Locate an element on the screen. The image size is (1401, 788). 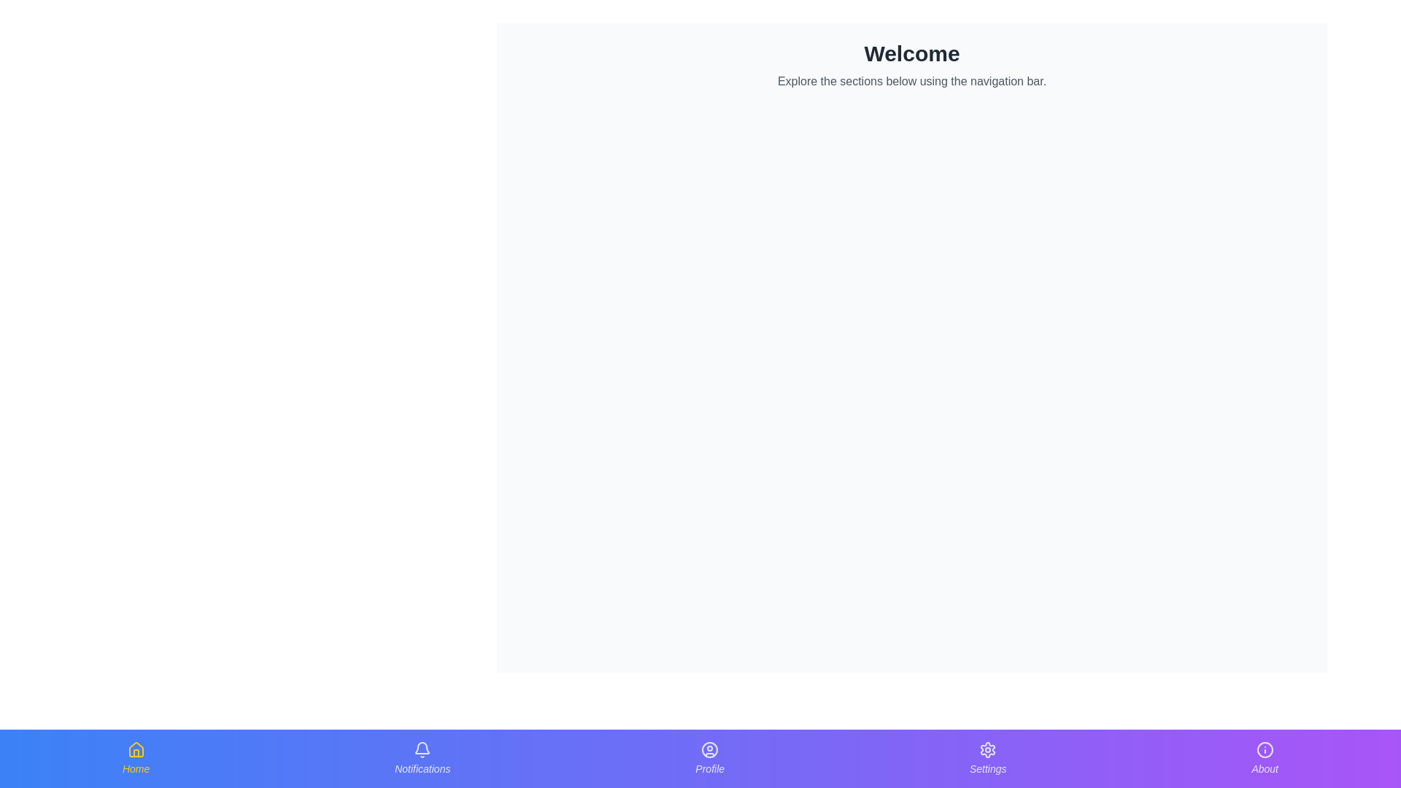
the notifications button in the bottom navigation bar to apply the scale effect is located at coordinates (422, 758).